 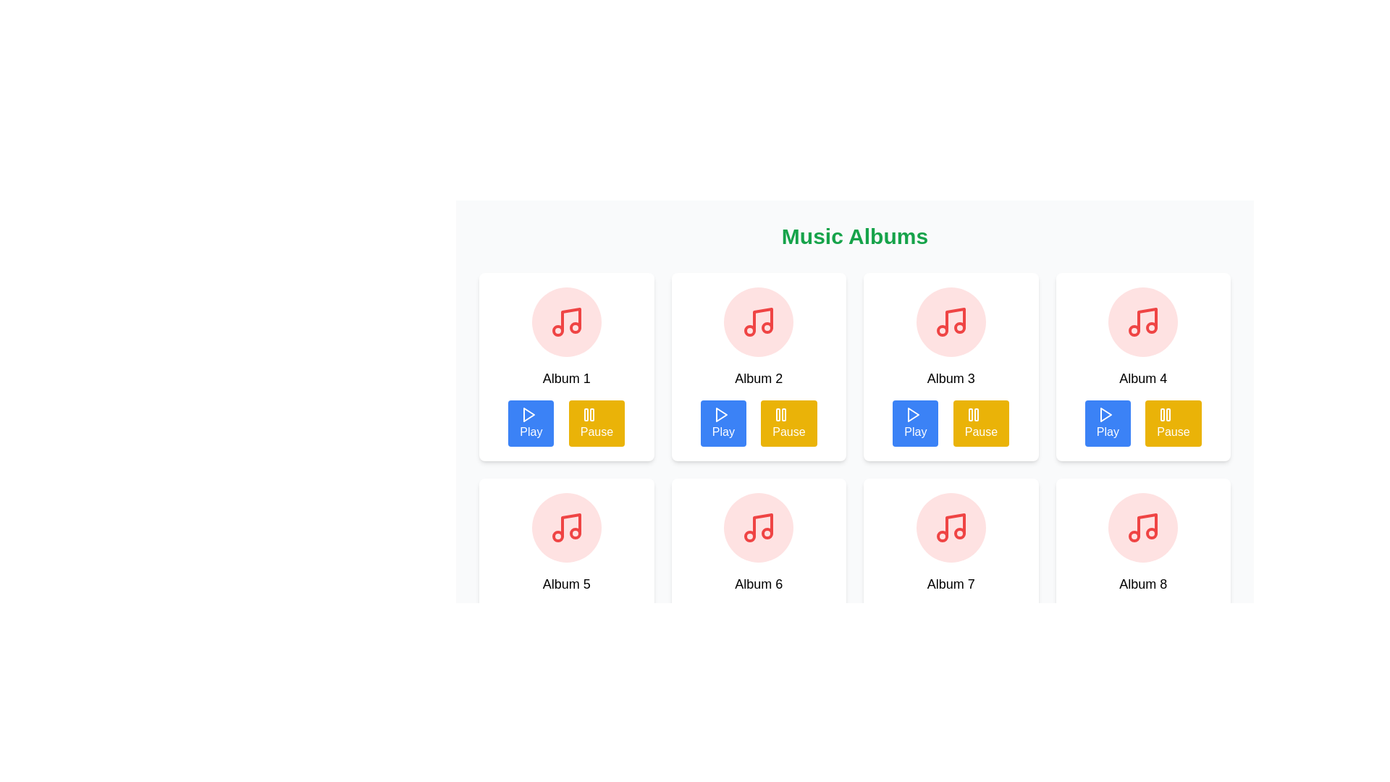 I want to click on the playback button located below Album 2, which is the first button in its row of control buttons, so click(x=723, y=424).